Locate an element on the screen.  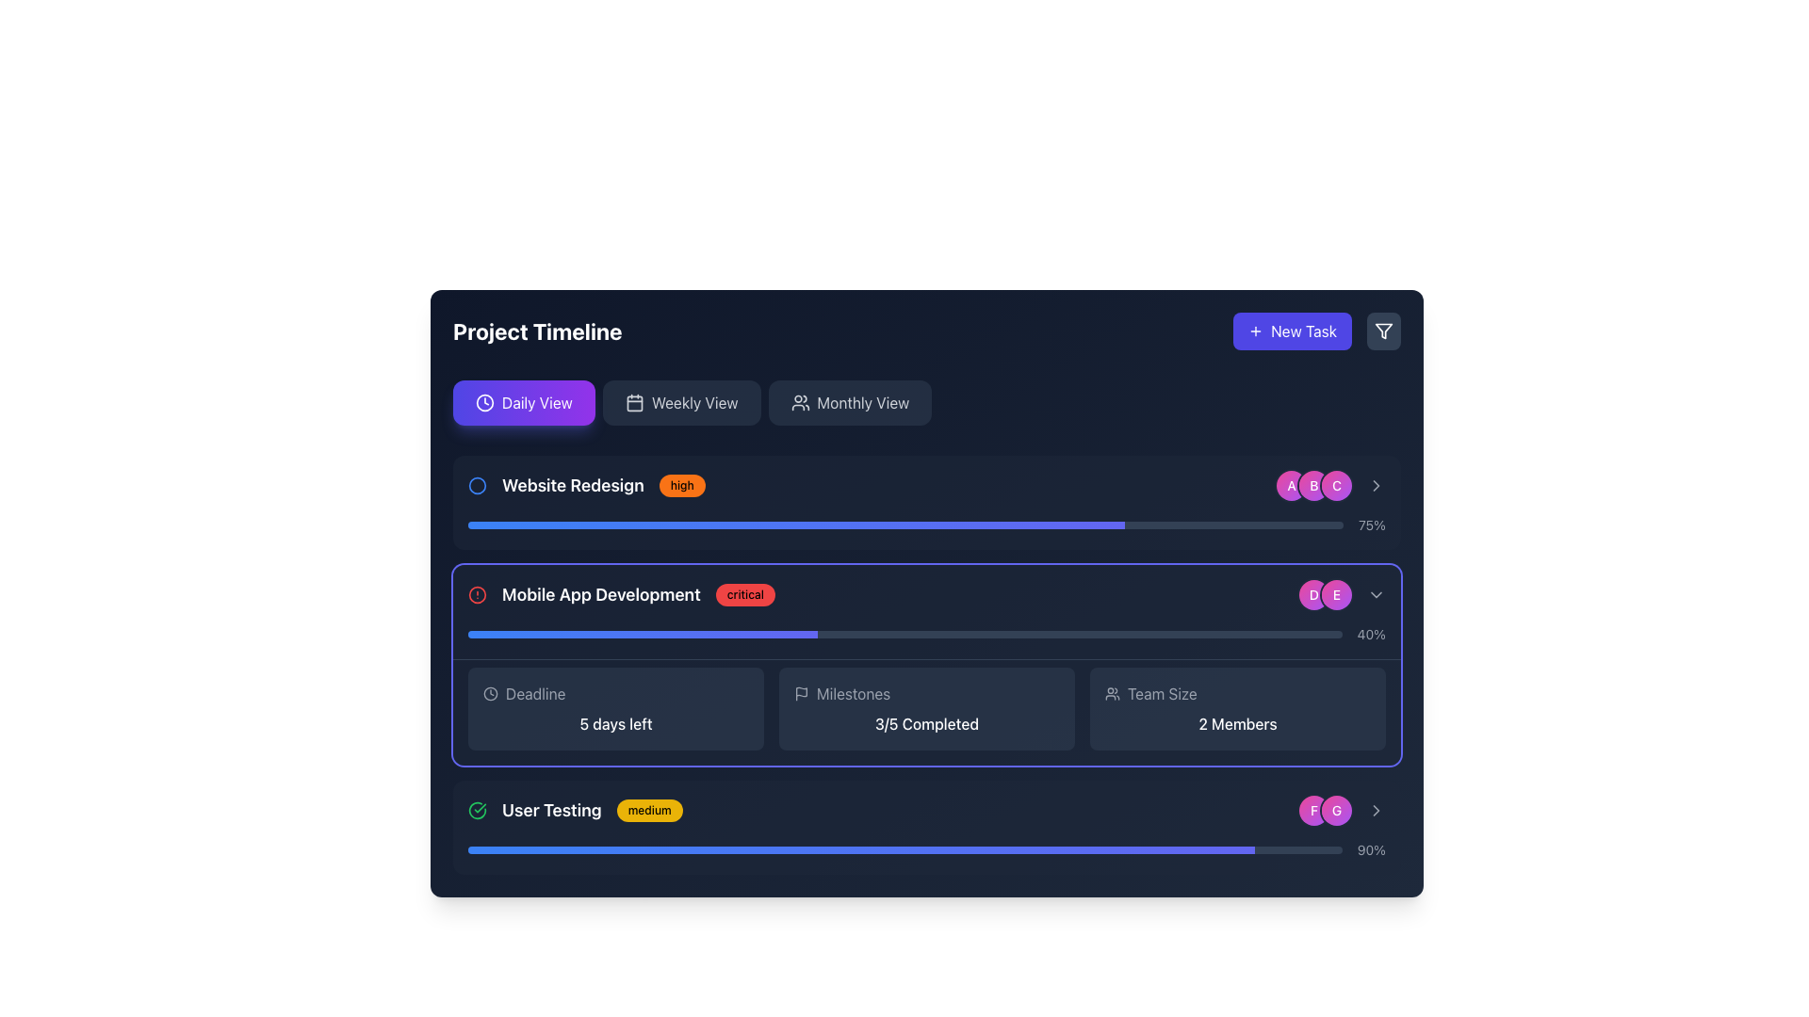
the text label that identifies the project task titled 'Website Redesign', which is the second component in a horizontal group of elements located in the top-left quadrant of the section listing project tasks is located at coordinates (572, 485).